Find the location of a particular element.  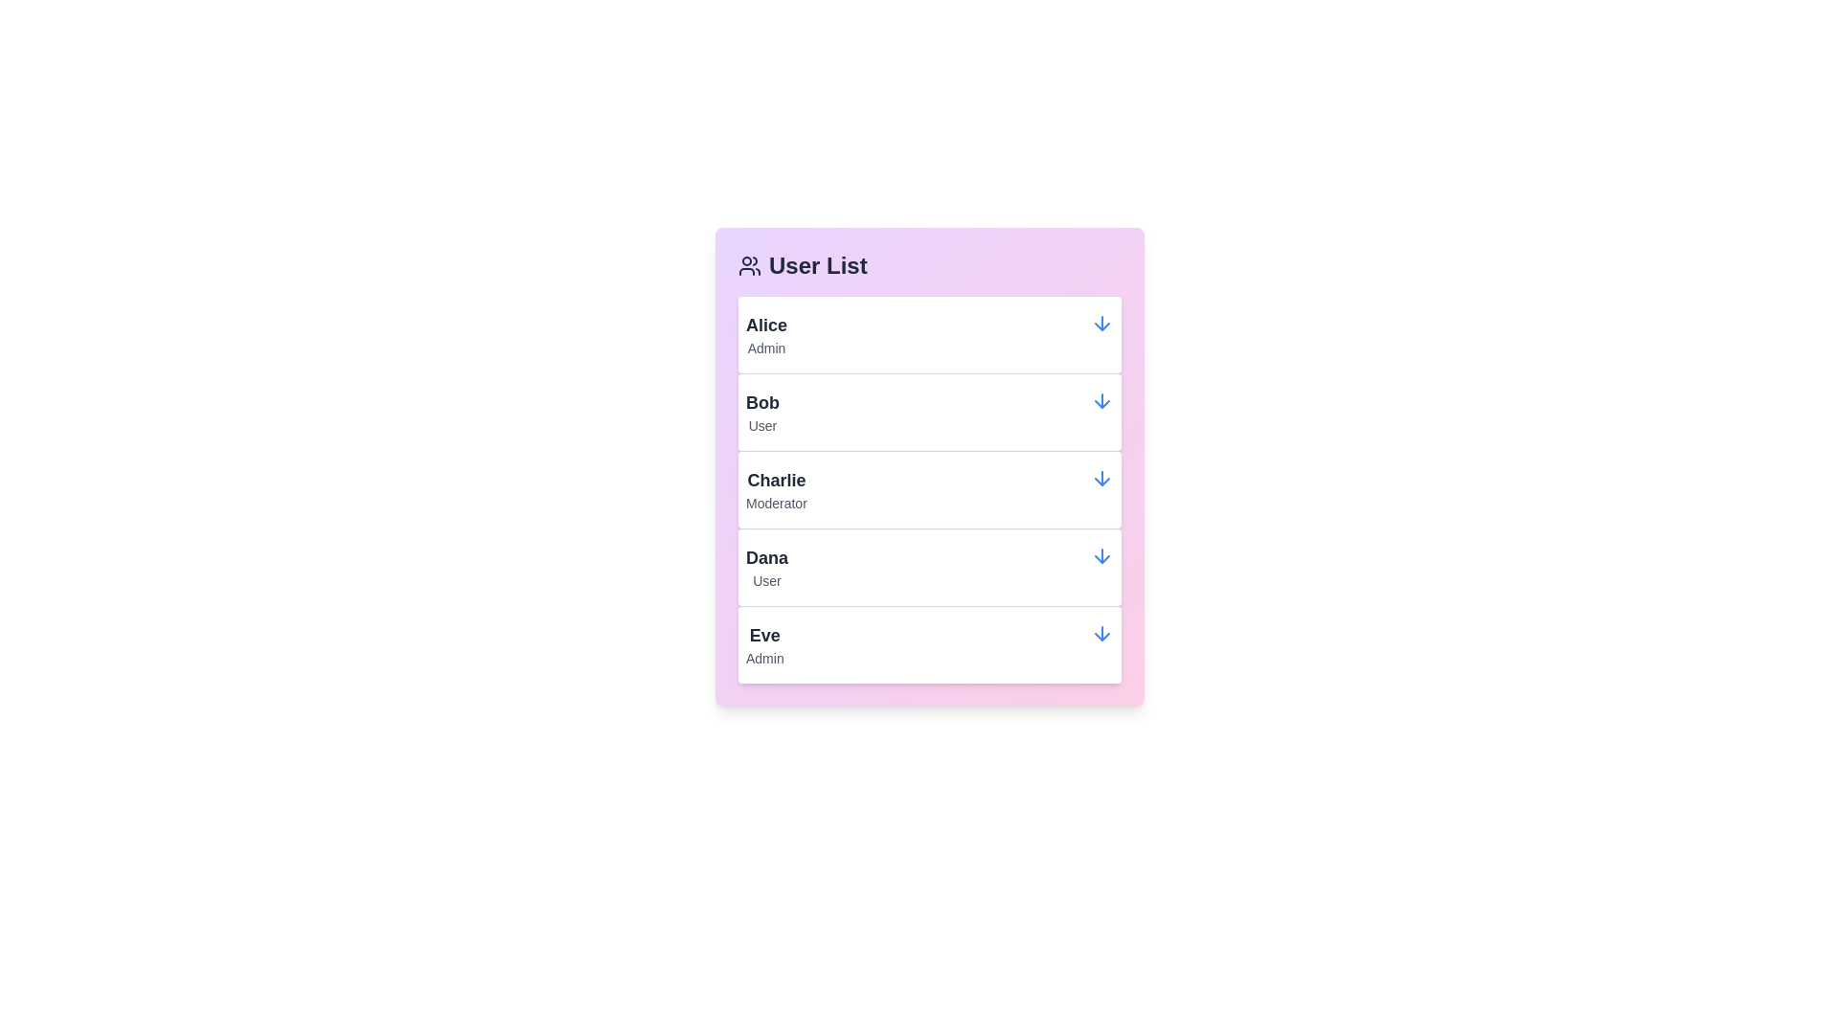

the user list item corresponding to Alice is located at coordinates (929, 334).